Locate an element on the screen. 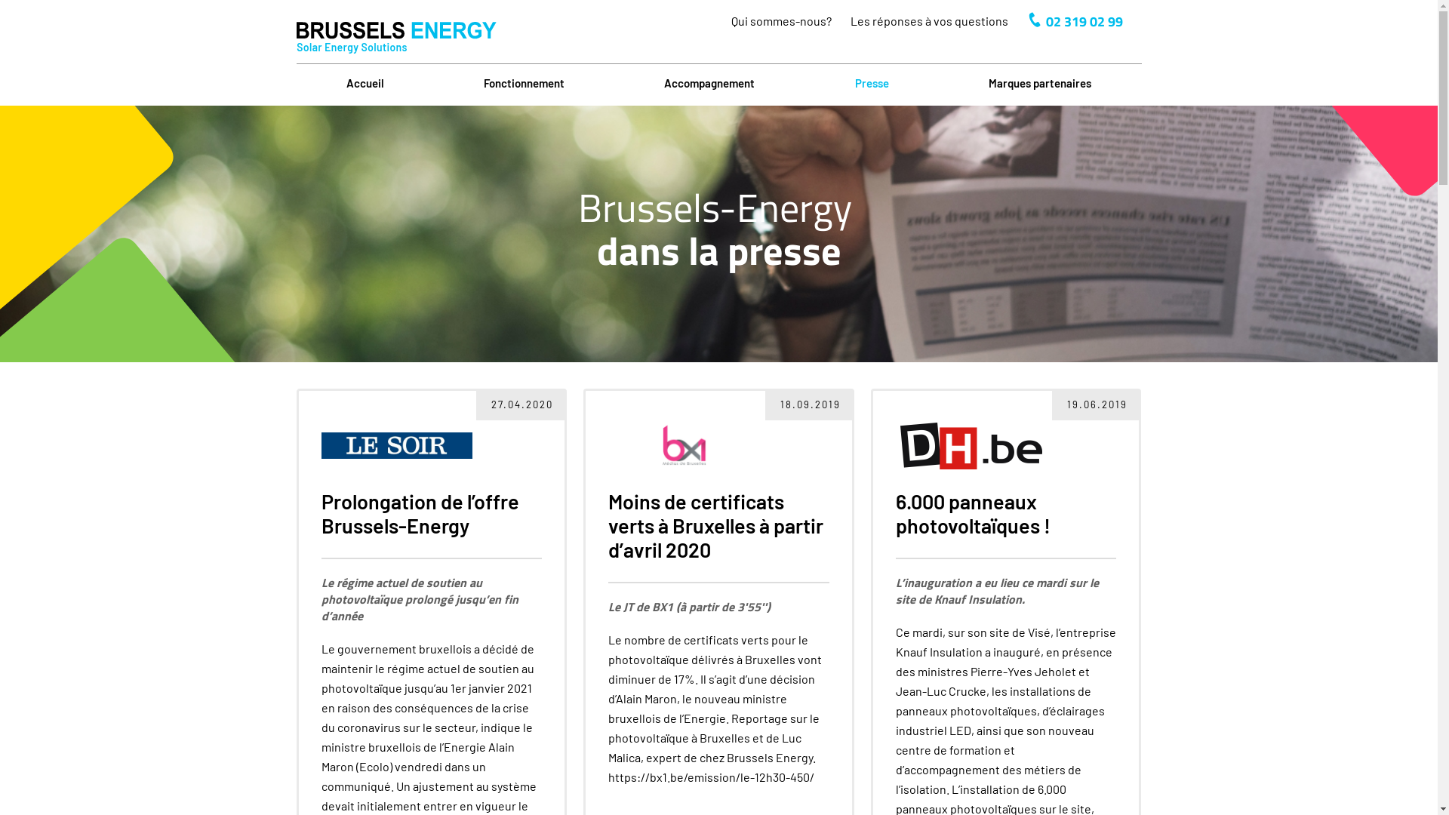 Image resolution: width=1449 pixels, height=815 pixels. 'Accompagnement' is located at coordinates (709, 83).